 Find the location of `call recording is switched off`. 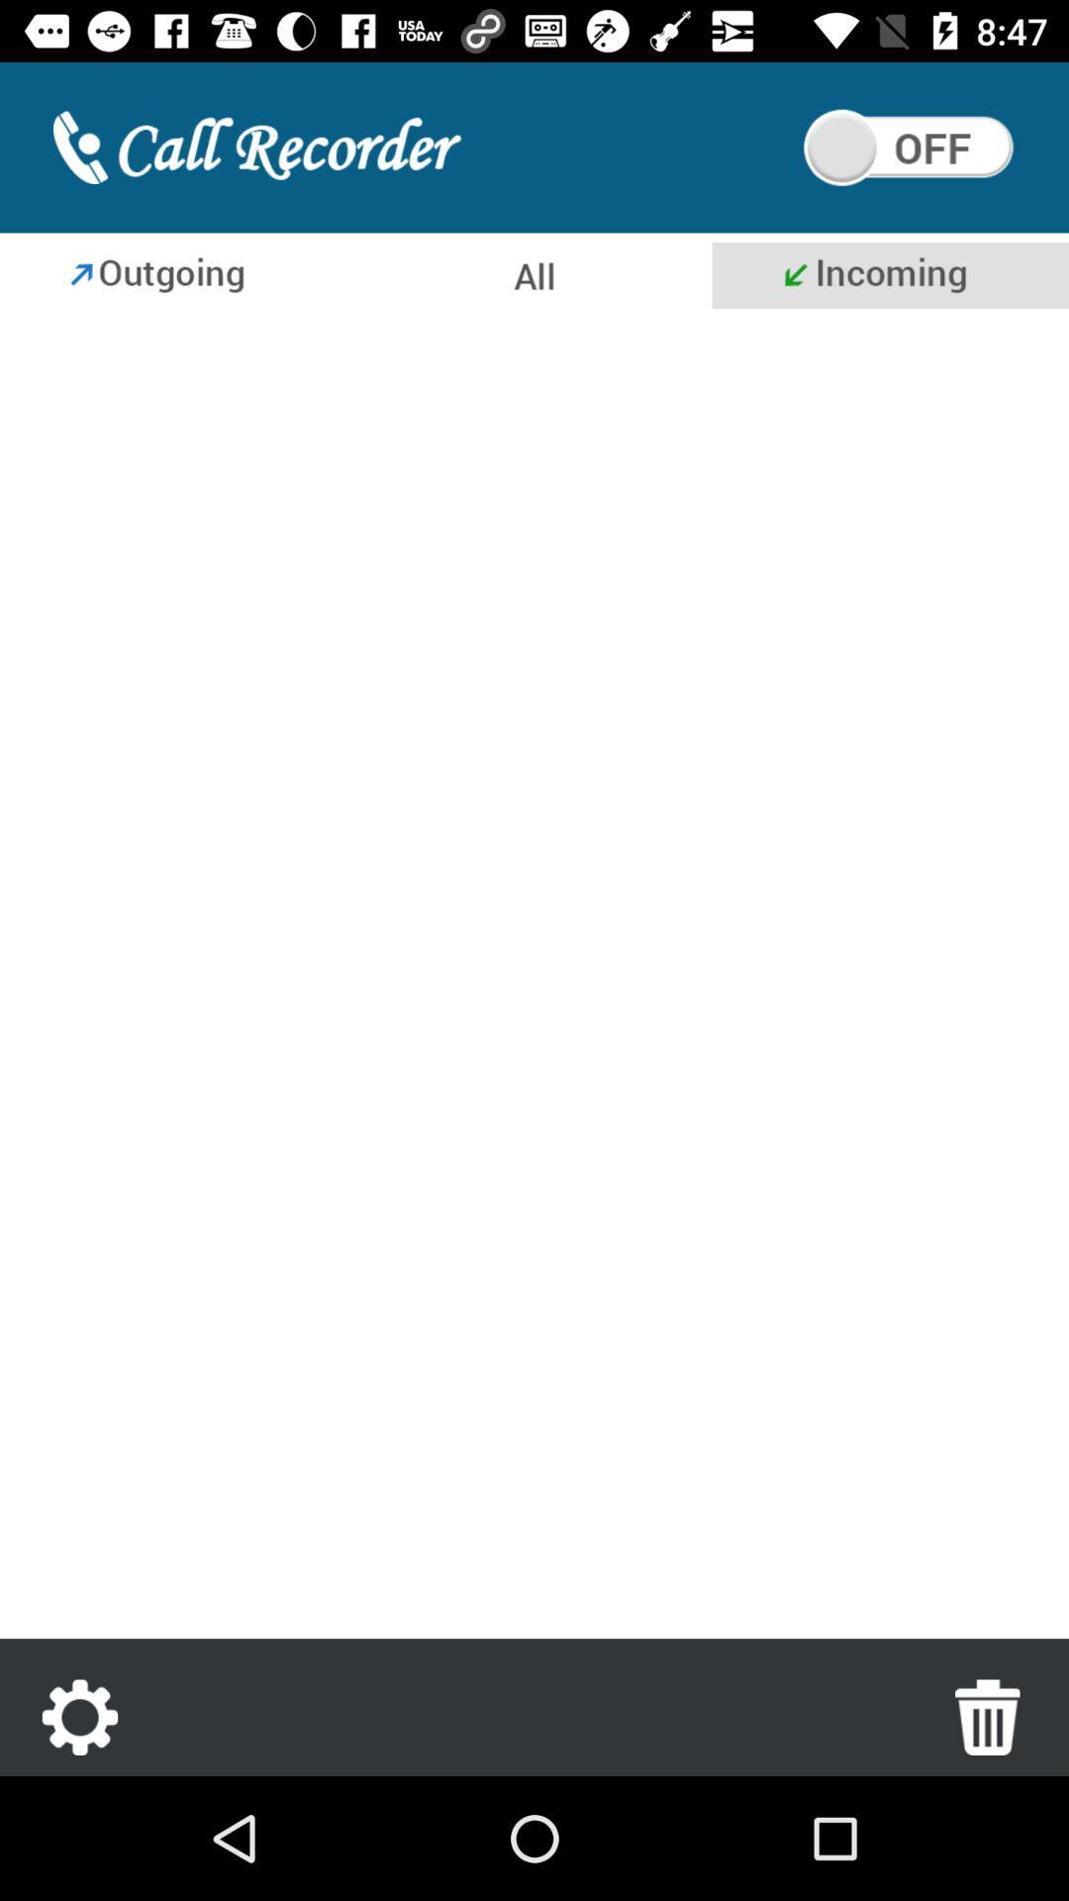

call recording is switched off is located at coordinates (909, 147).